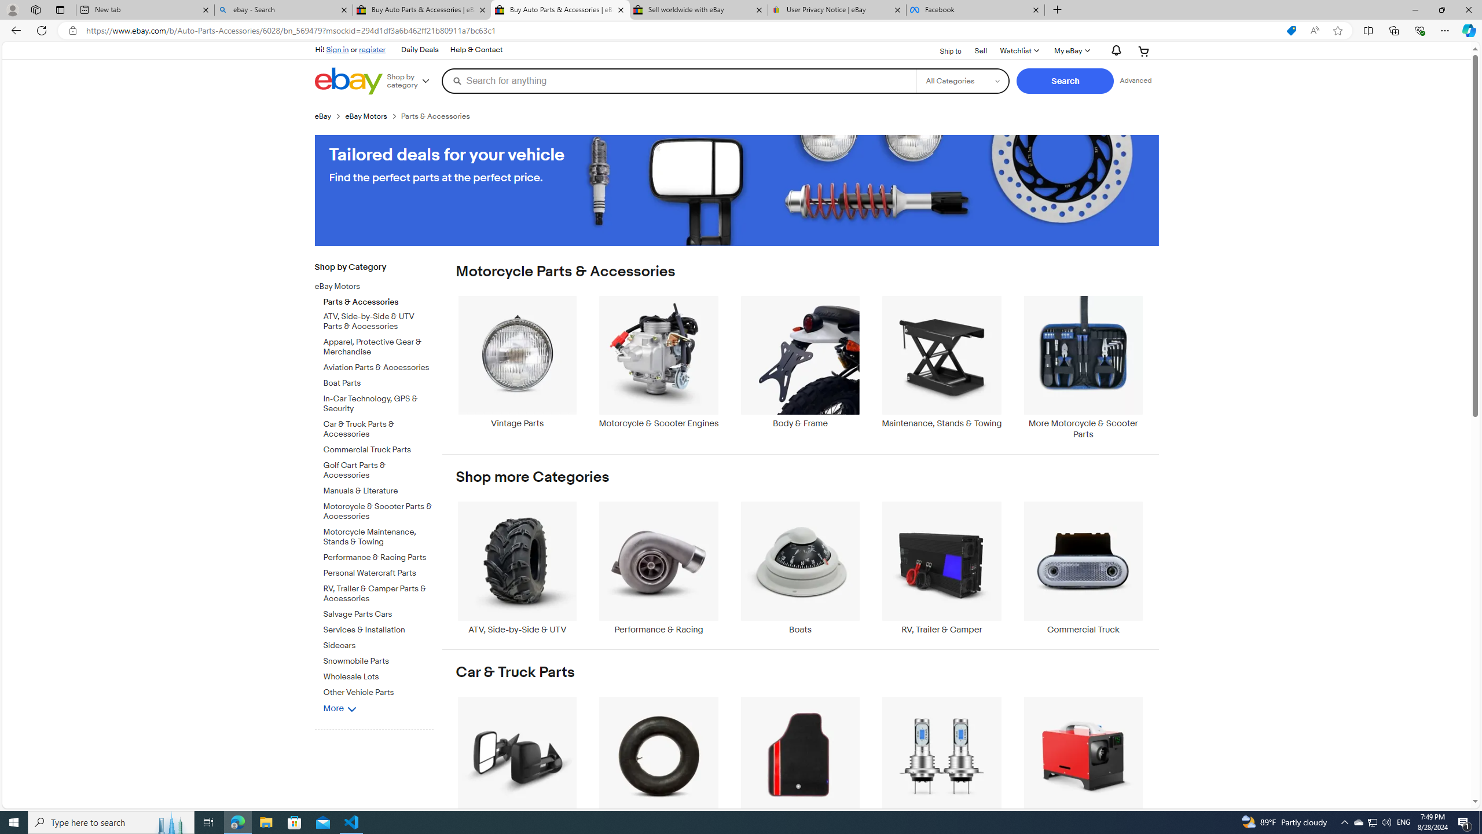 This screenshot has width=1482, height=834. I want to click on 'Aviation Parts & Accessories', so click(378, 365).